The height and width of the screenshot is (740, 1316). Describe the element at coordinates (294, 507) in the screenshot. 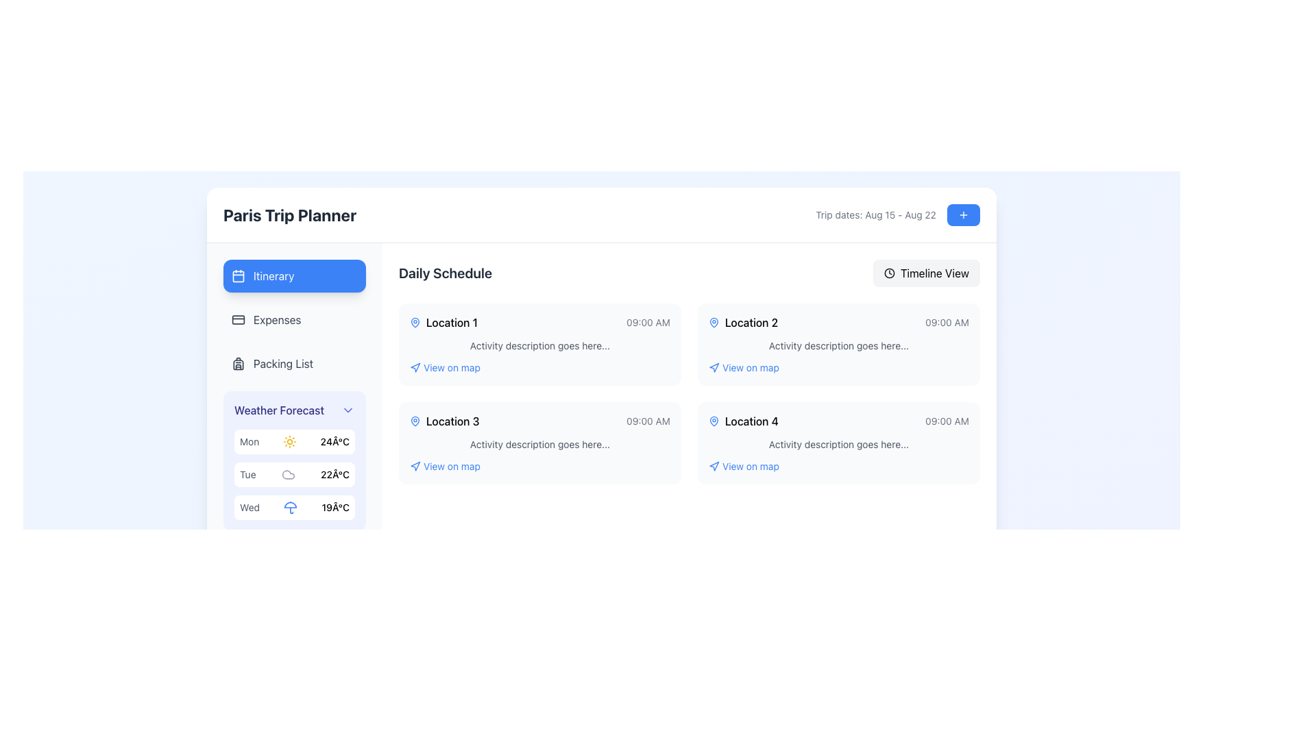

I see `the weather forecast display card for Wednesday, which features 'Wed' in gray text, a blue umbrella icon, and '19°C' in bold on the right` at that location.